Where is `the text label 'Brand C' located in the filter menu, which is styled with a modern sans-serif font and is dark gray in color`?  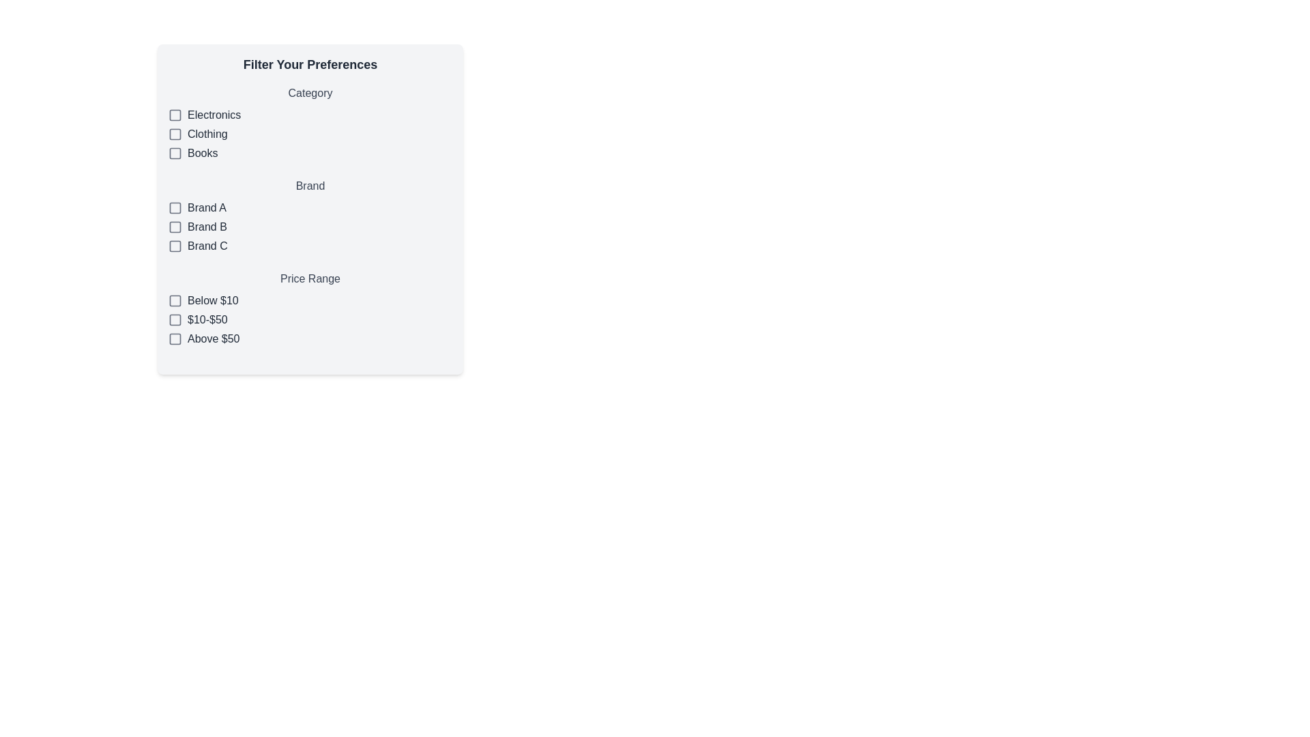 the text label 'Brand C' located in the filter menu, which is styled with a modern sans-serif font and is dark gray in color is located at coordinates (207, 246).